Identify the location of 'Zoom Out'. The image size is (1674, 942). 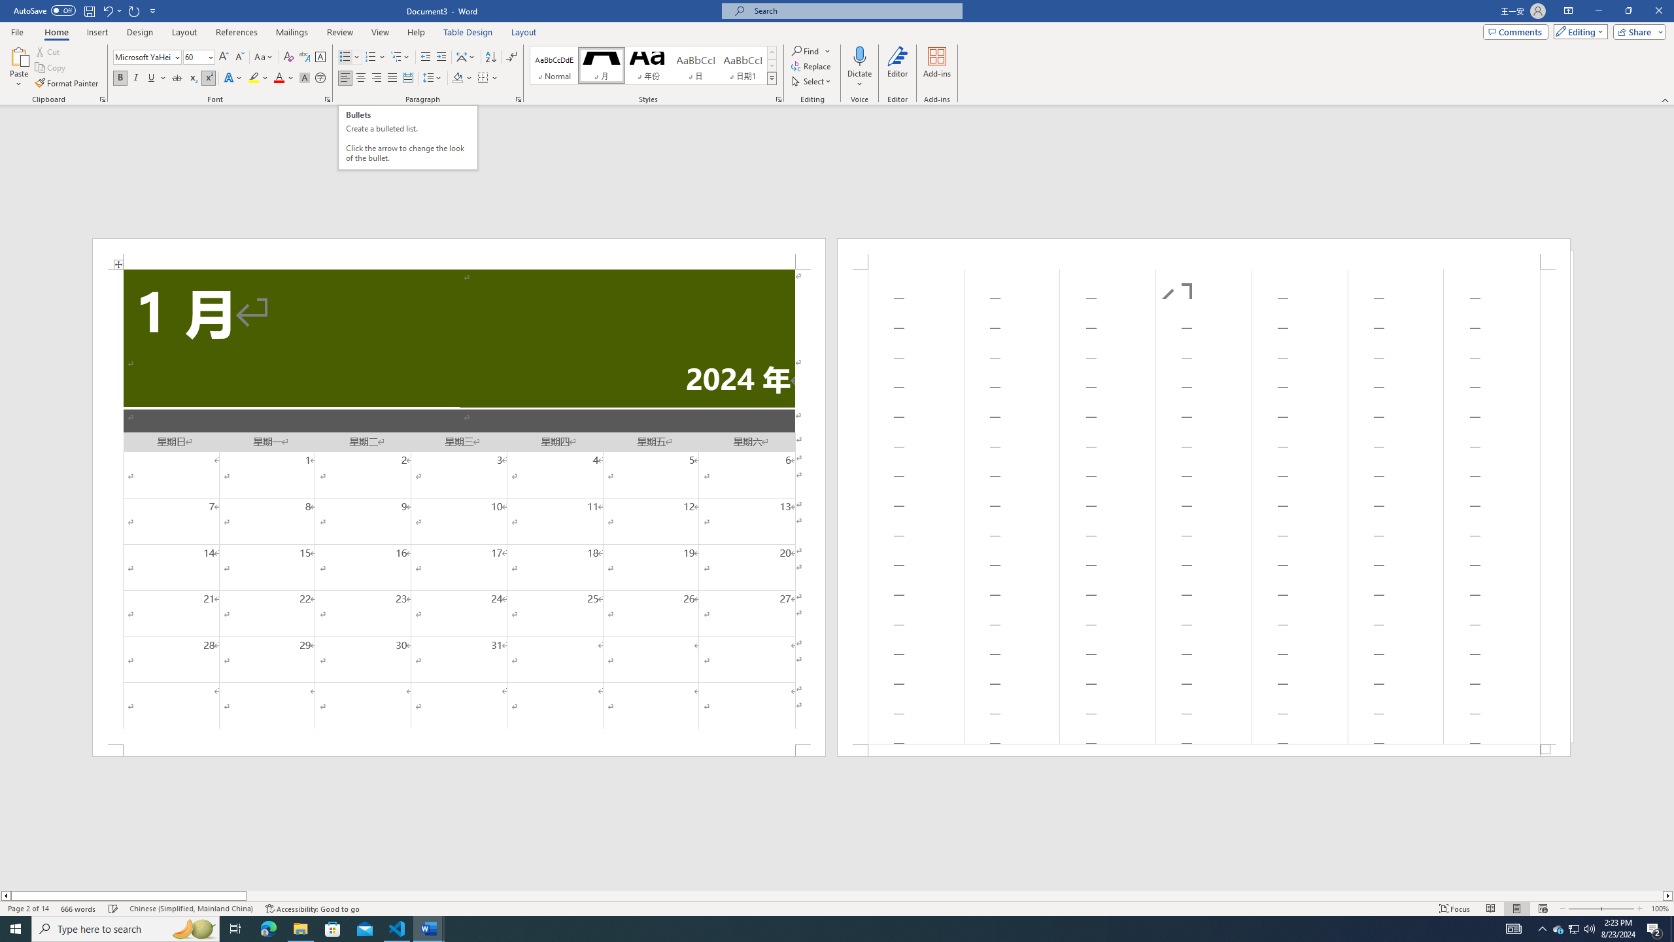
(1584, 909).